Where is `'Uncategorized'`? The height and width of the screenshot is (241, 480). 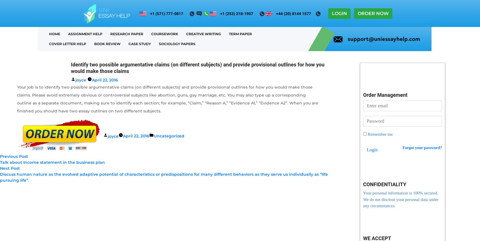 'Uncategorized' is located at coordinates (169, 136).